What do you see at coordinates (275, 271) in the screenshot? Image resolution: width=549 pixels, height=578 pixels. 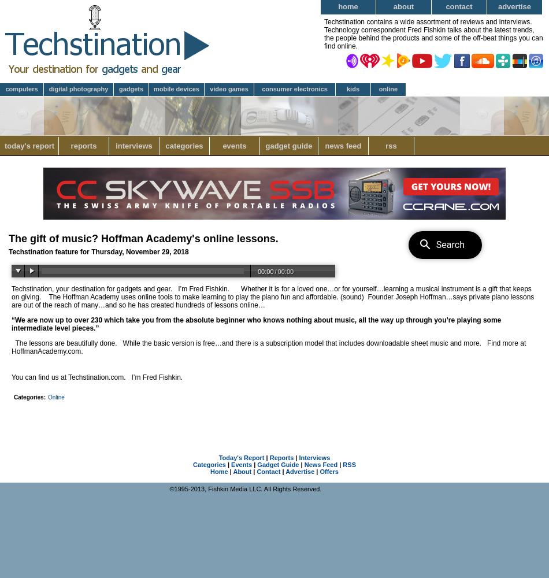 I see `'/'` at bounding box center [275, 271].